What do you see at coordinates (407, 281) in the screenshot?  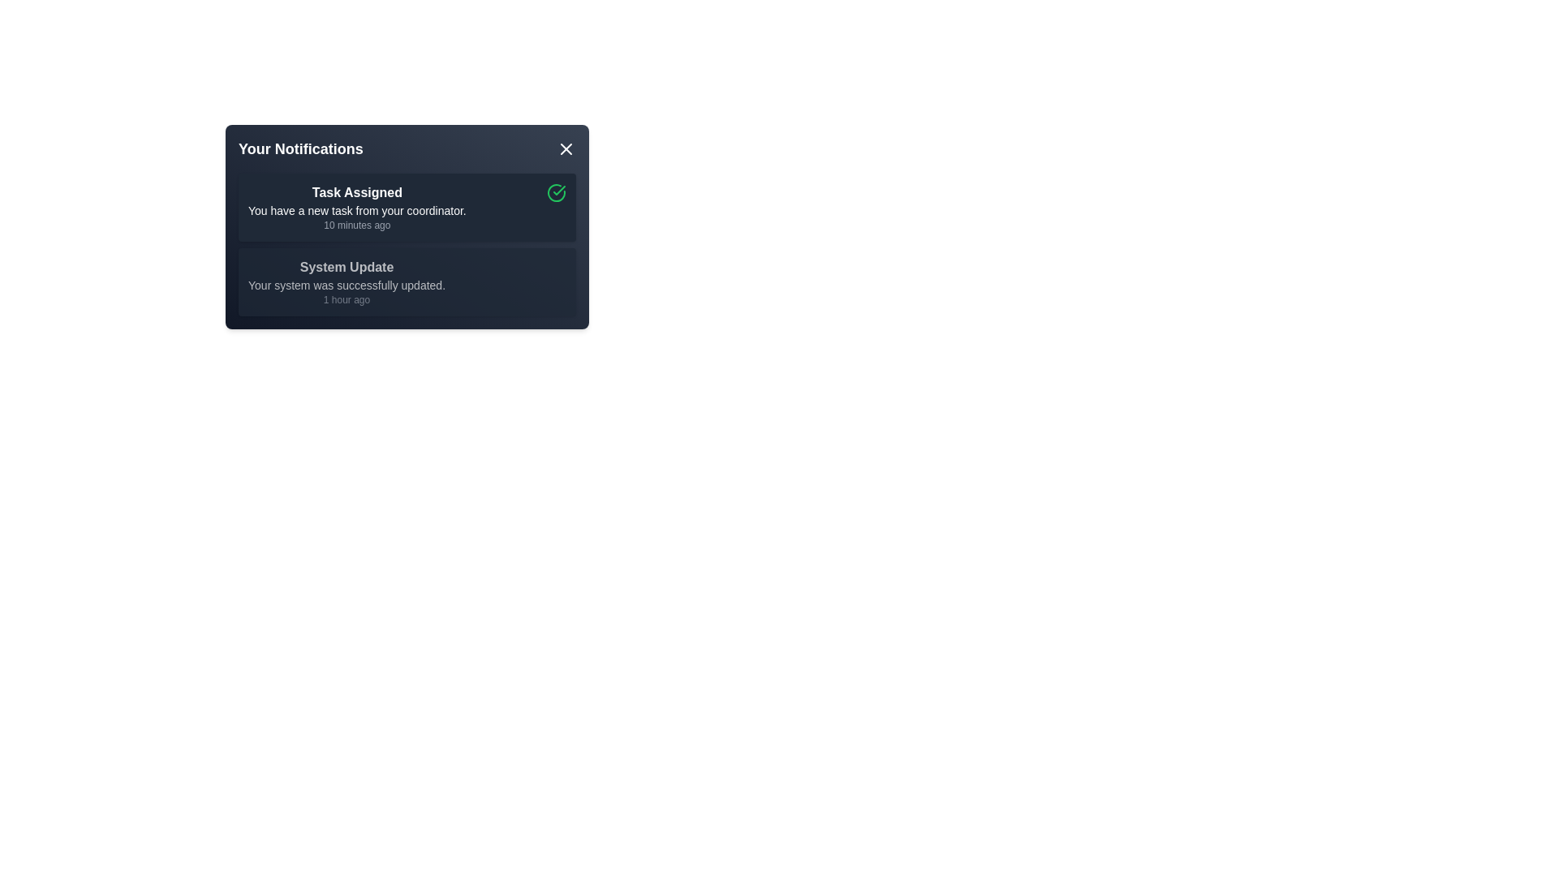 I see `details of the notification titled 'System Update' which contains a message about a successful system update` at bounding box center [407, 281].